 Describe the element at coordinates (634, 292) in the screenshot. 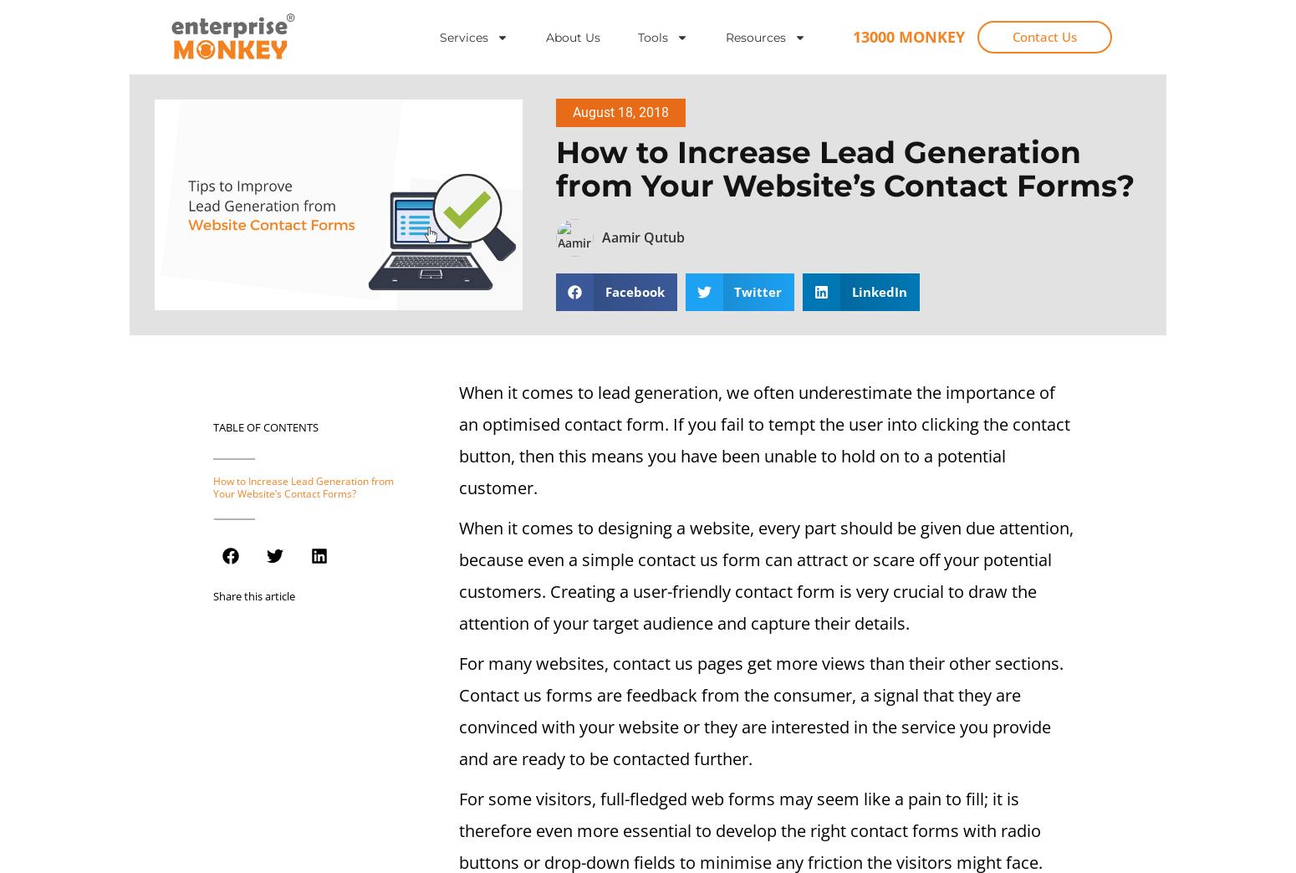

I see `'Facebook'` at that location.